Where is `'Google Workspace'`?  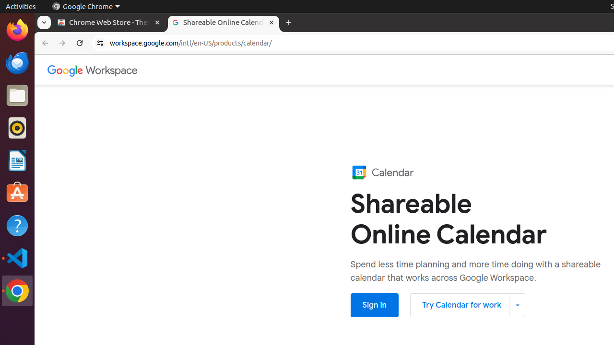 'Google Workspace' is located at coordinates (93, 69).